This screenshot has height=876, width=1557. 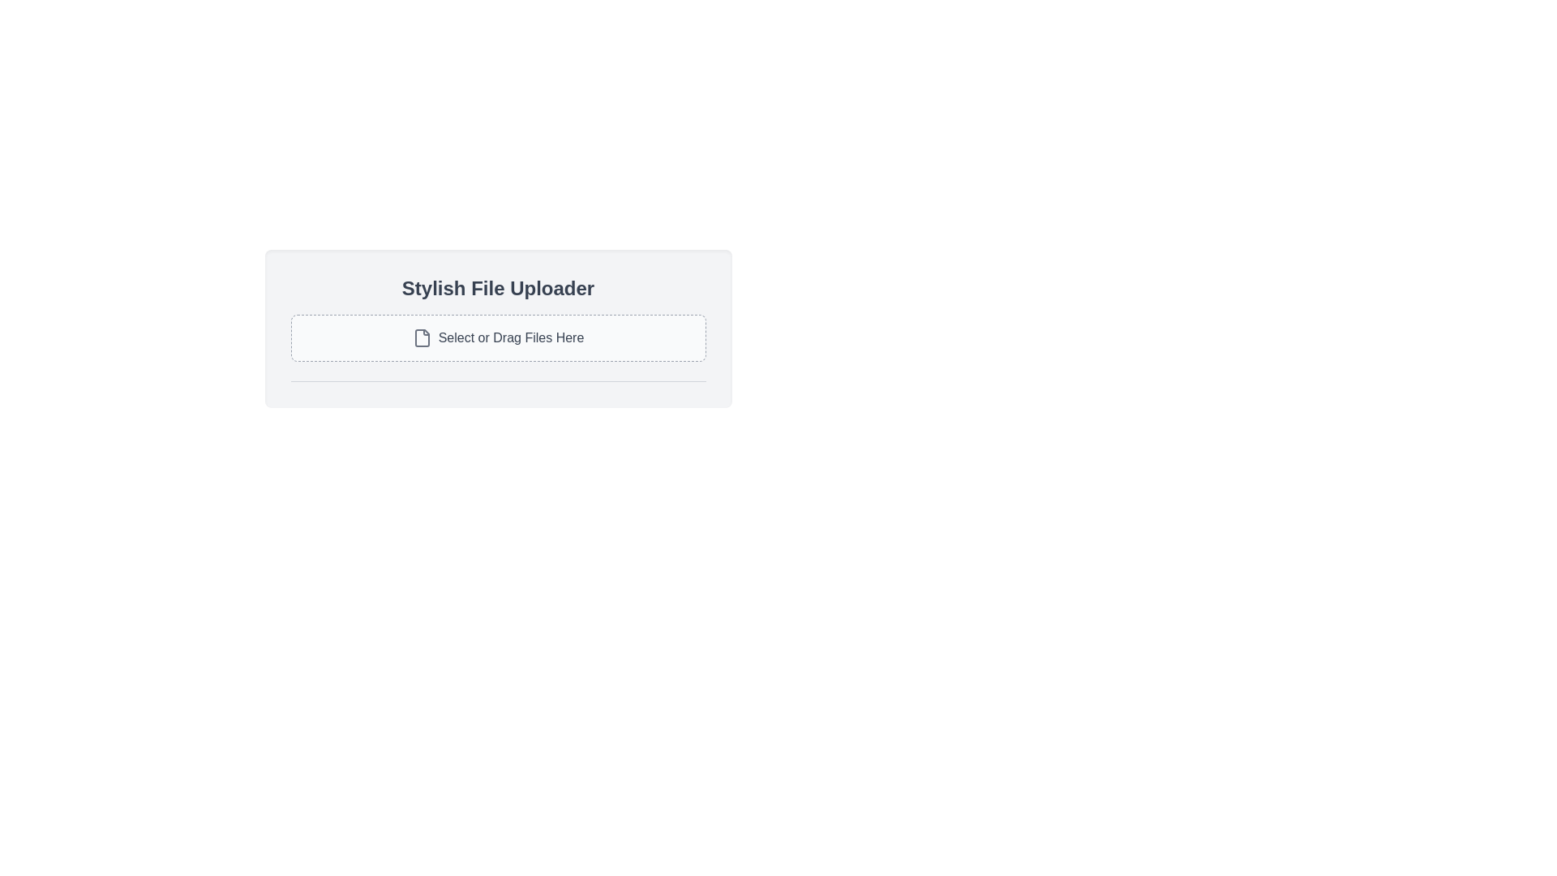 What do you see at coordinates (497, 337) in the screenshot?
I see `the interactive guidance area for file uploads, which provides textual guidance to users to either select files or drag them into the designated area` at bounding box center [497, 337].